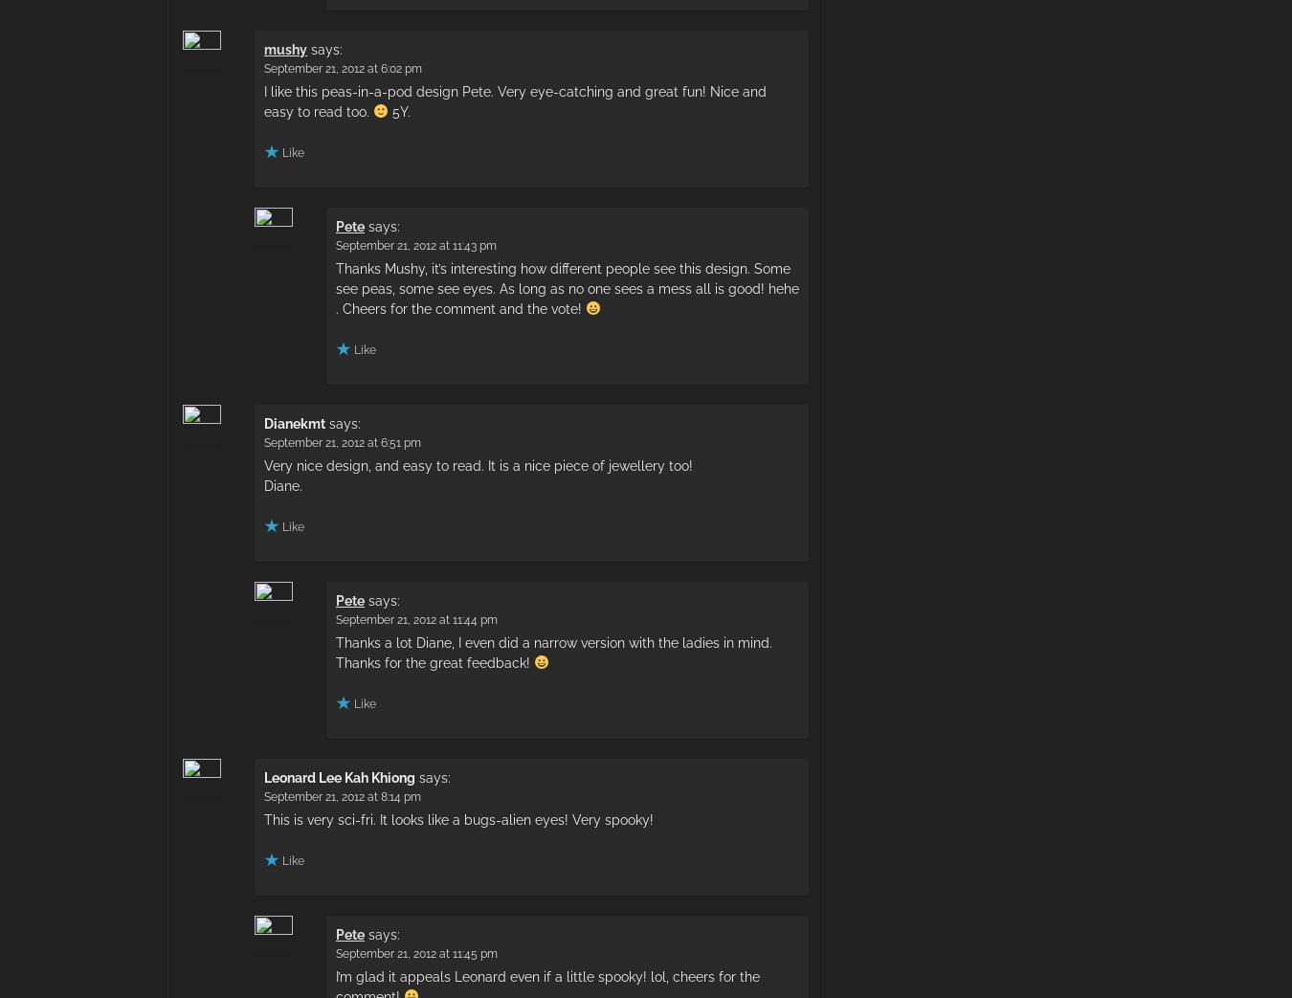 The height and width of the screenshot is (998, 1292). What do you see at coordinates (262, 818) in the screenshot?
I see `'This is very sci-fri. It looks like a bugs-alien eyes! Very spooky!'` at bounding box center [262, 818].